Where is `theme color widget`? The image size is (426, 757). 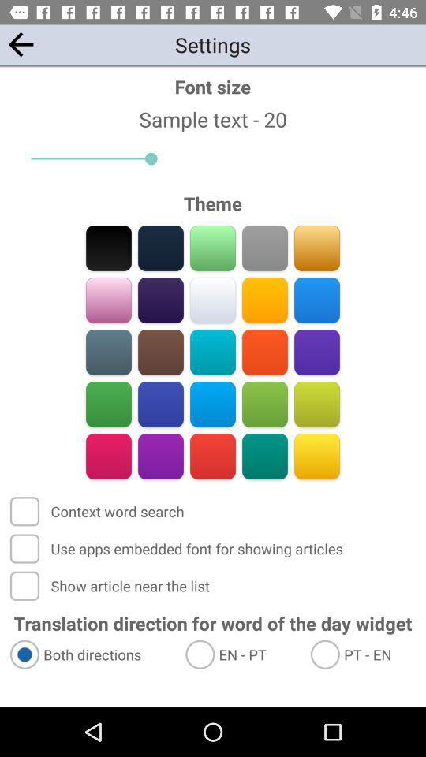
theme color widget is located at coordinates (213, 248).